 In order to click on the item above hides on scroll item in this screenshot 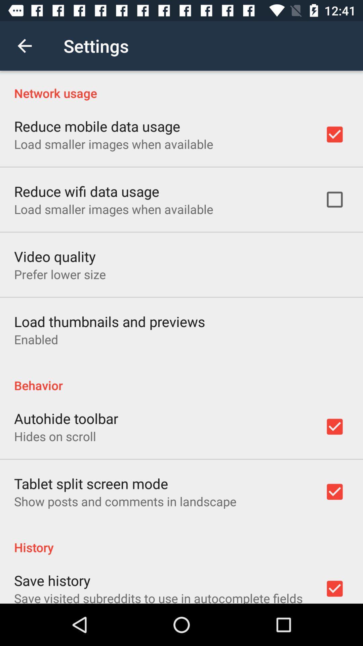, I will do `click(66, 418)`.